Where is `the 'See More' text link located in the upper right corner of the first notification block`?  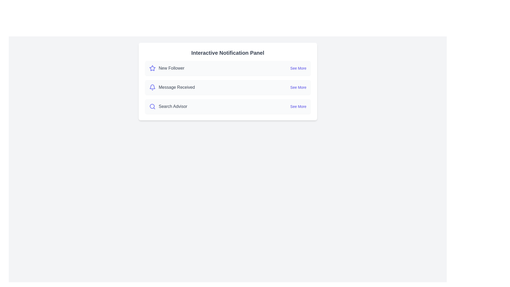
the 'See More' text link located in the upper right corner of the first notification block is located at coordinates (298, 68).